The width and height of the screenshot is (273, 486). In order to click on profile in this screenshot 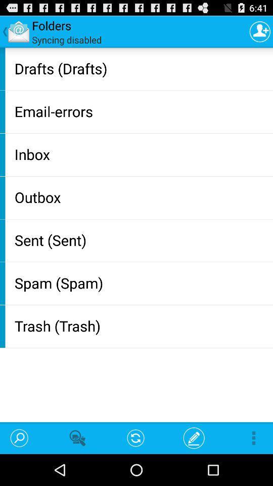, I will do `click(260, 31)`.